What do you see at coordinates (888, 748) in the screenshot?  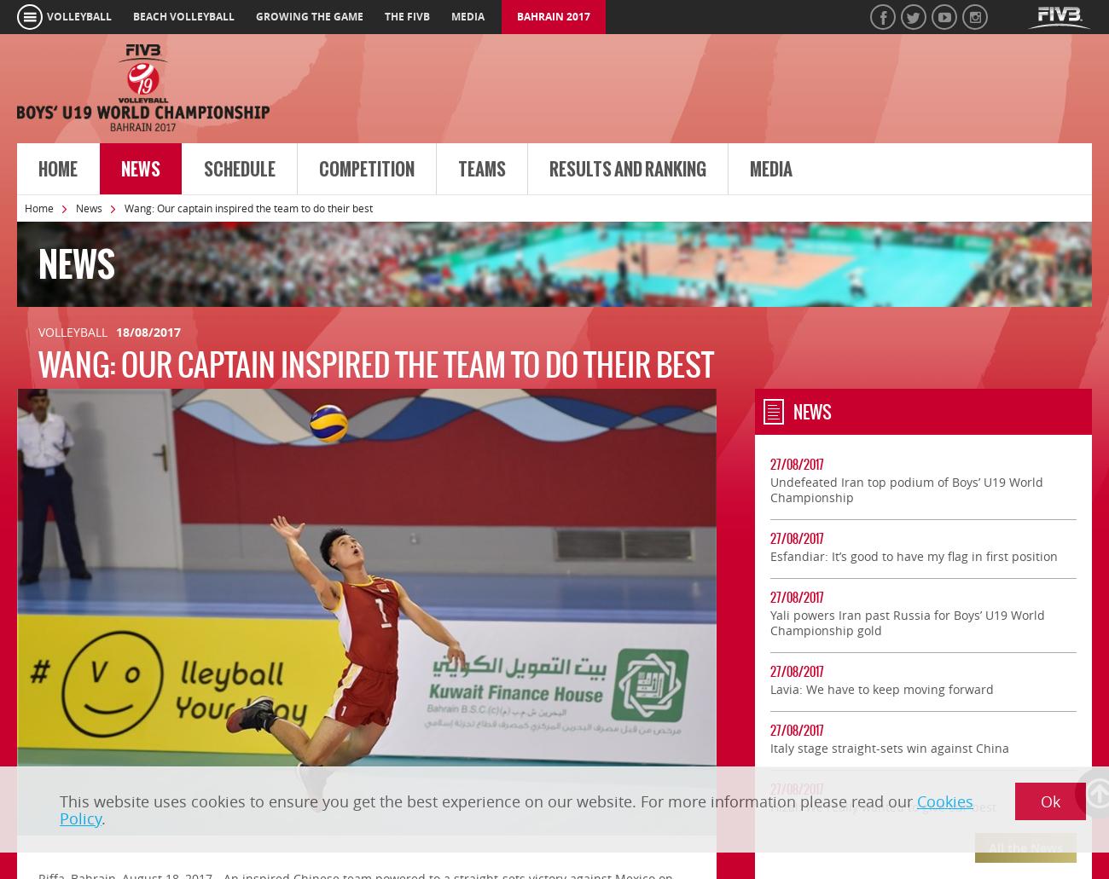 I see `'Italy stage straight-sets win against China'` at bounding box center [888, 748].